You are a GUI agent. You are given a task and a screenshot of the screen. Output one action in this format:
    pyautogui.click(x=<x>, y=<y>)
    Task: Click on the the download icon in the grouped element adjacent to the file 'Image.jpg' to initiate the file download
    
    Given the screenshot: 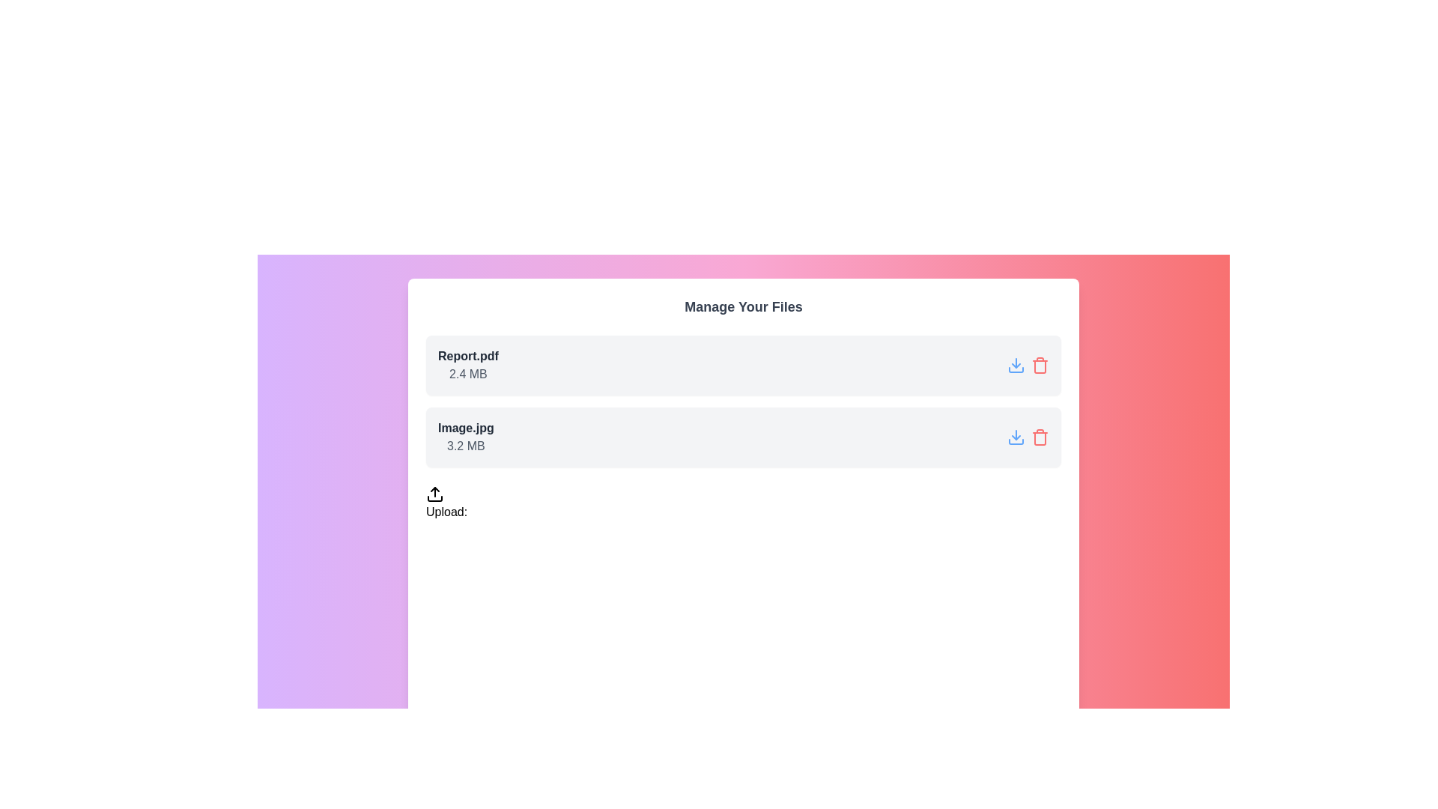 What is the action you would take?
    pyautogui.click(x=1027, y=437)
    